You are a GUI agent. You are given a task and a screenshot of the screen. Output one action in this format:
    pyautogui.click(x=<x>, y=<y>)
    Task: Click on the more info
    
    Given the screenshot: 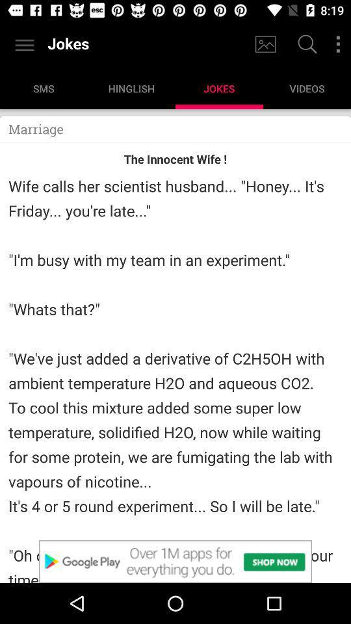 What is the action you would take?
    pyautogui.click(x=338, y=44)
    